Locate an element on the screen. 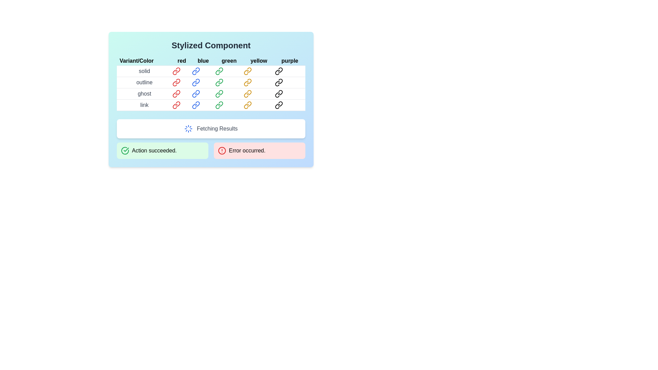 The image size is (658, 370). the green link icon styled with a chain-like appearance located in the fourth row under the 'link' column and third column under 'green' to follow the link is located at coordinates (219, 105).